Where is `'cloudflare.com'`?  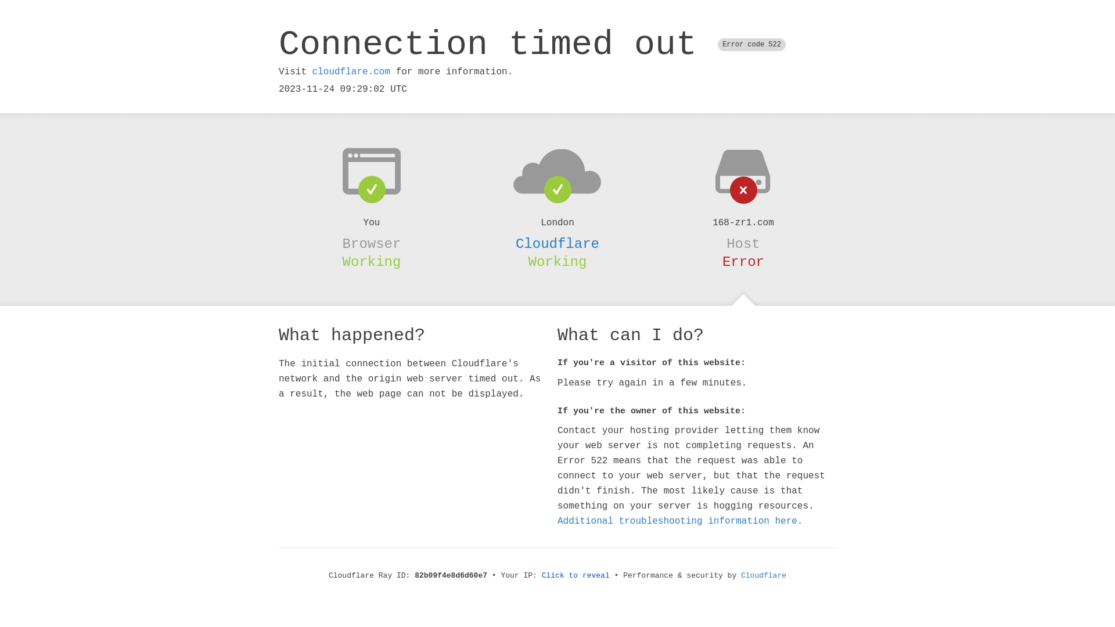
'cloudflare.com' is located at coordinates (350, 71).